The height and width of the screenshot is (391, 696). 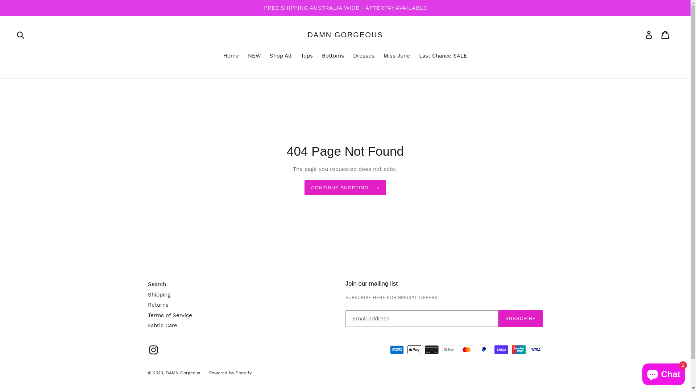 What do you see at coordinates (231, 56) in the screenshot?
I see `'Home'` at bounding box center [231, 56].